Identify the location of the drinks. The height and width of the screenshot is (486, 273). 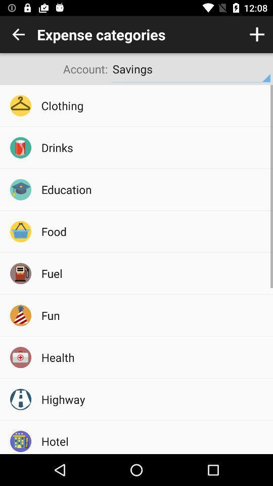
(153, 147).